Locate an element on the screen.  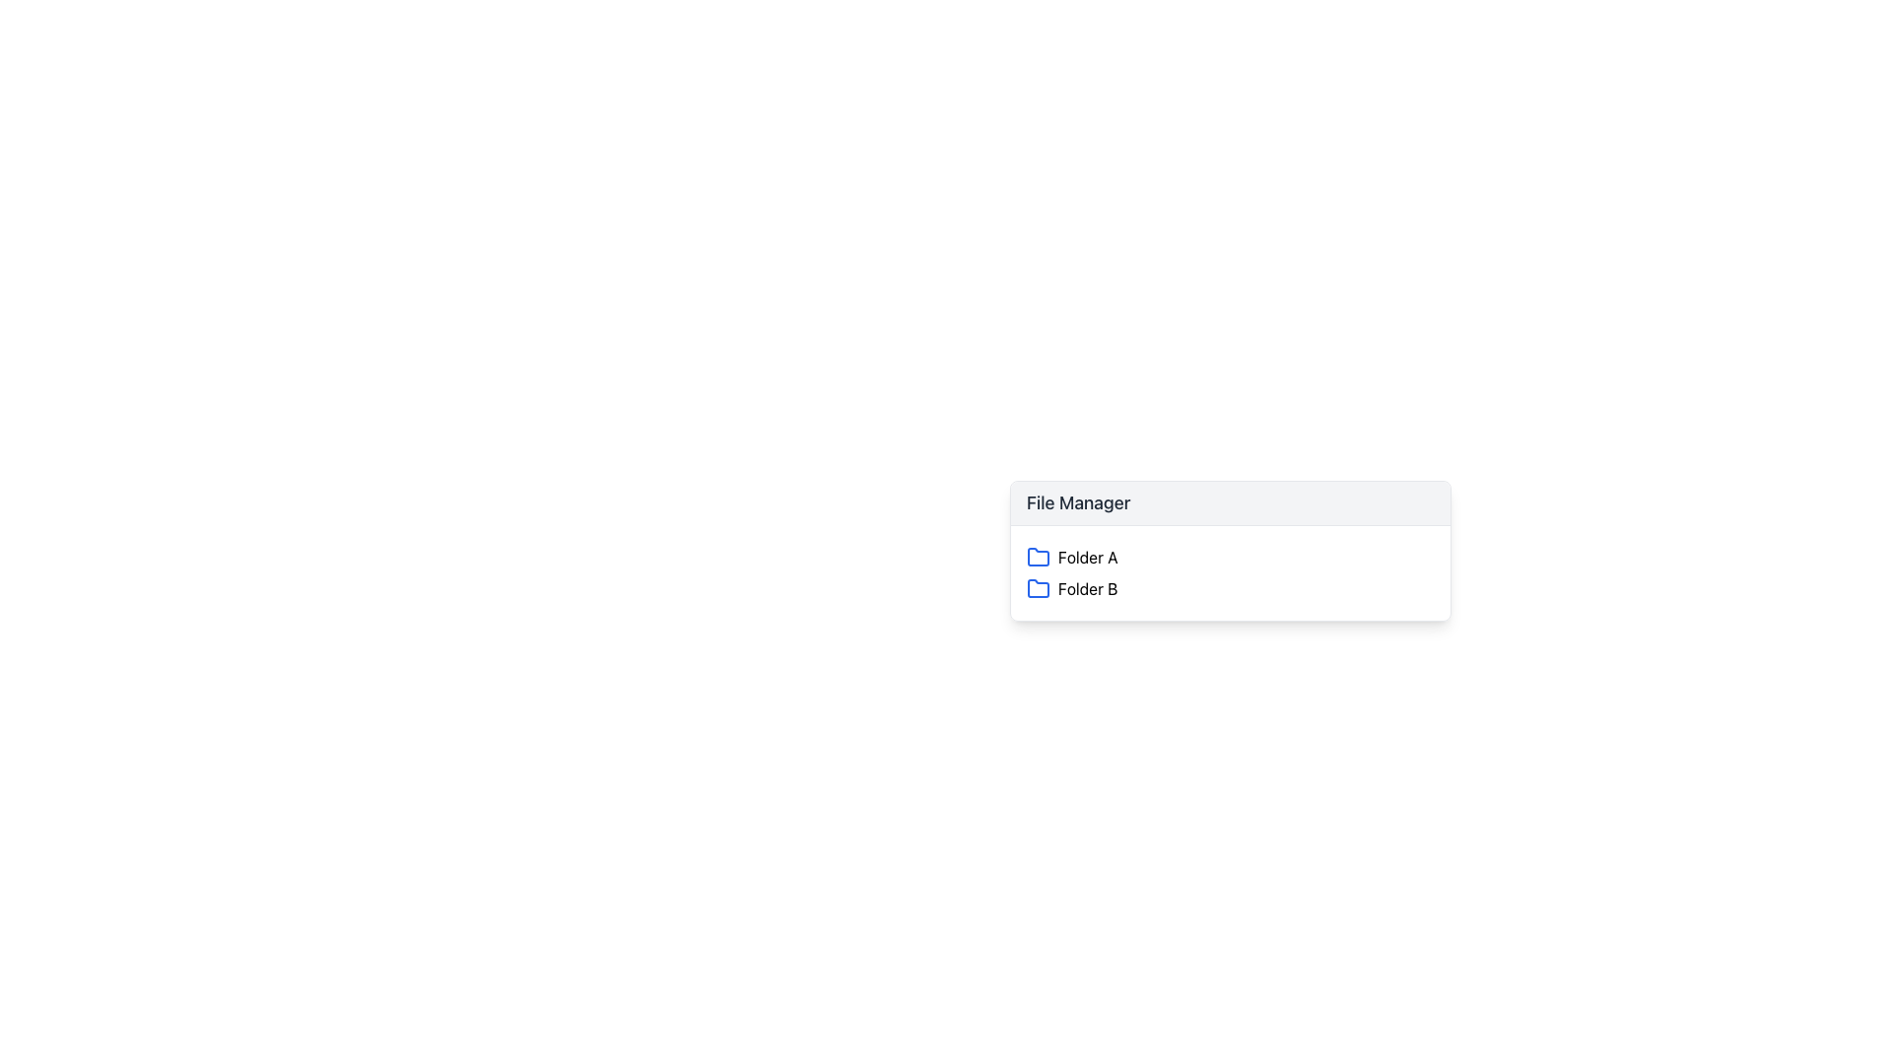
the Folder Icon representing 'Folder B' in the second row of the 'File Manager' list is located at coordinates (1038, 587).